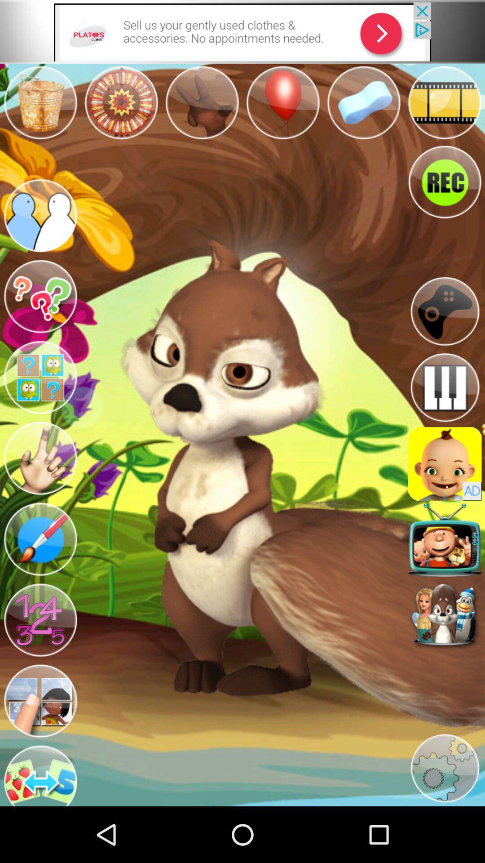  What do you see at coordinates (445, 768) in the screenshot?
I see `settings` at bounding box center [445, 768].